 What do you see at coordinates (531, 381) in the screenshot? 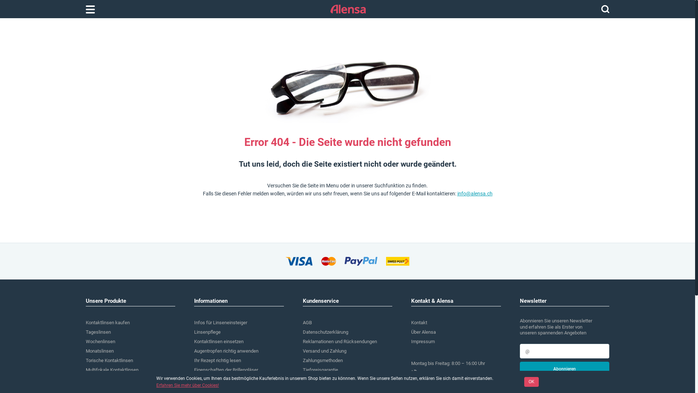
I see `'OK'` at bounding box center [531, 381].